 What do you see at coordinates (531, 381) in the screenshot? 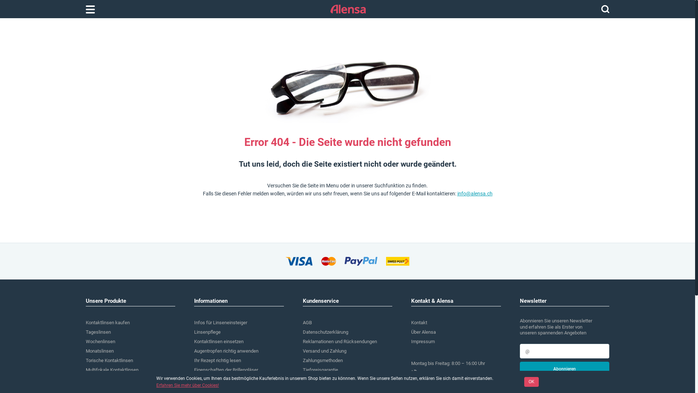
I see `'OK'` at bounding box center [531, 381].